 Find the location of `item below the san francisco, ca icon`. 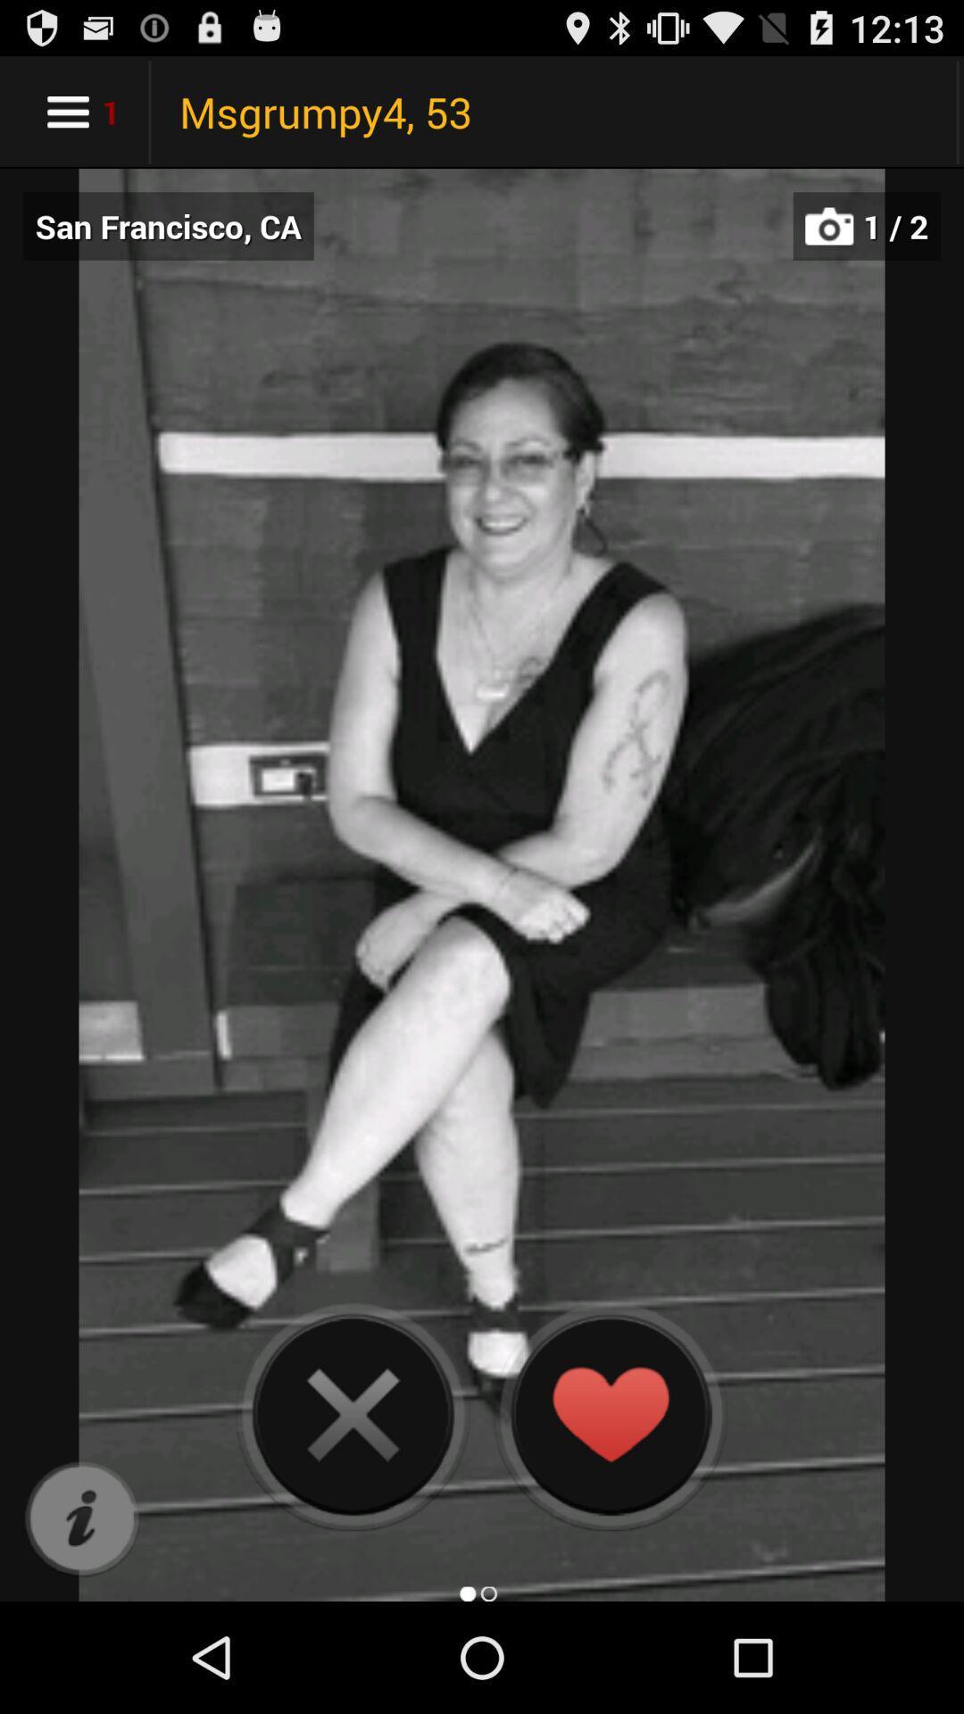

item below the san francisco, ca icon is located at coordinates (81, 1518).